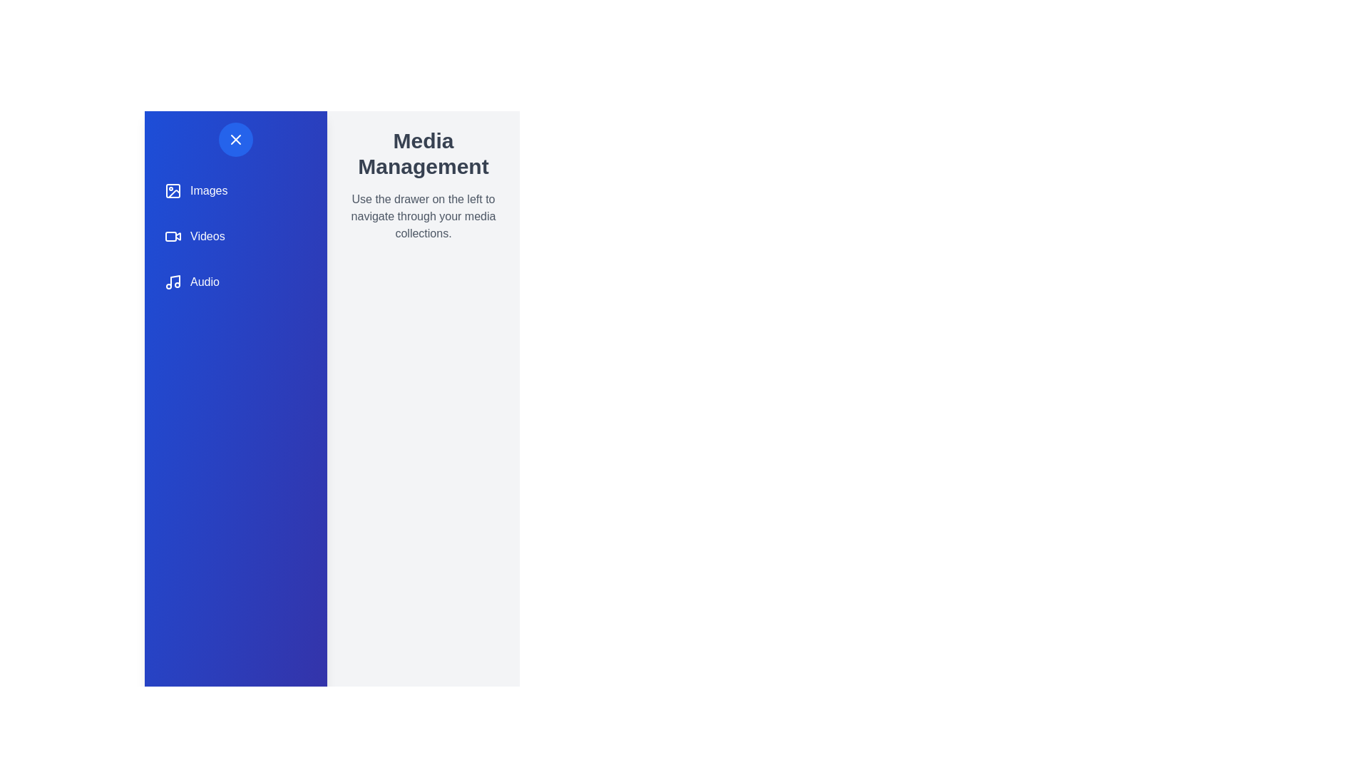 Image resolution: width=1369 pixels, height=770 pixels. What do you see at coordinates (173, 190) in the screenshot?
I see `the icon resembling a picture or image with rounded corners, located within the 'Images' button in the vertical navigation menu on the left` at bounding box center [173, 190].